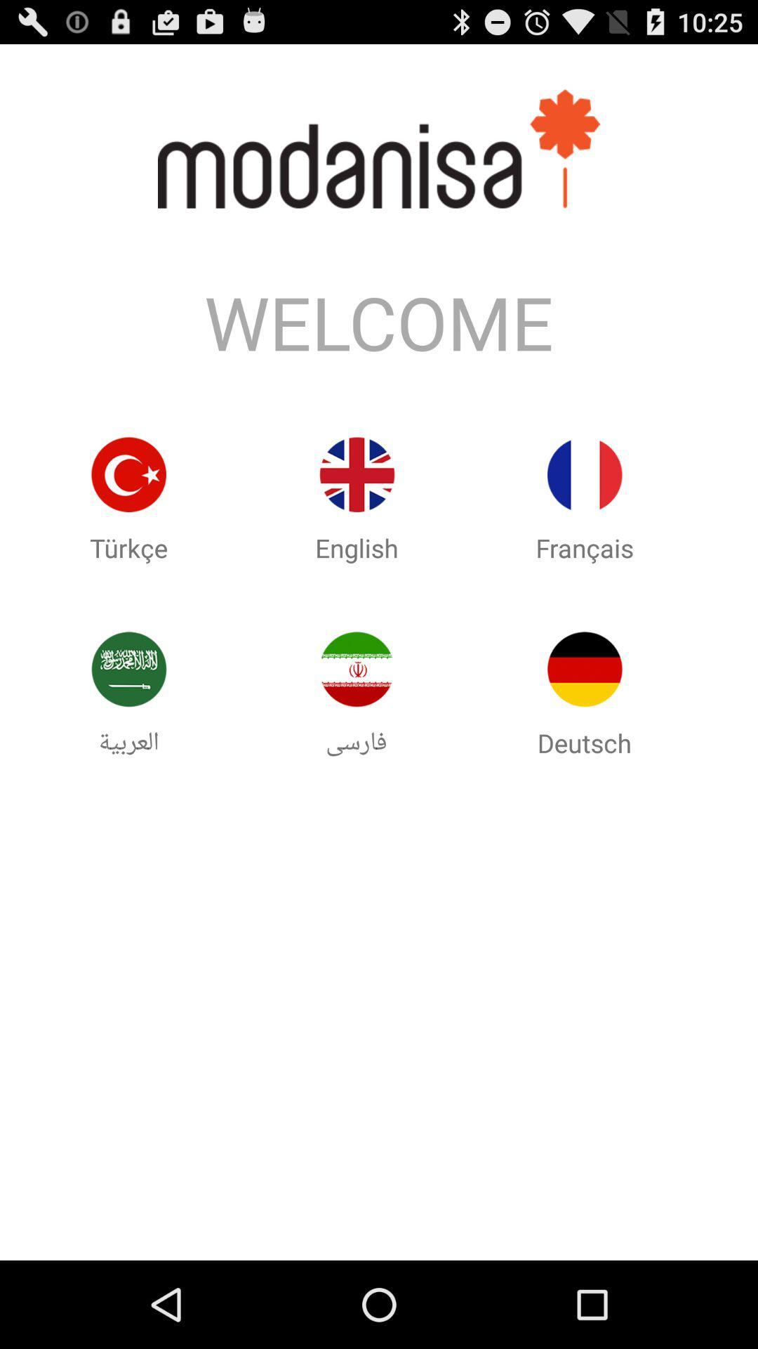 Image resolution: width=758 pixels, height=1349 pixels. Describe the element at coordinates (128, 668) in the screenshot. I see `selects saudi arabia as your current location` at that location.